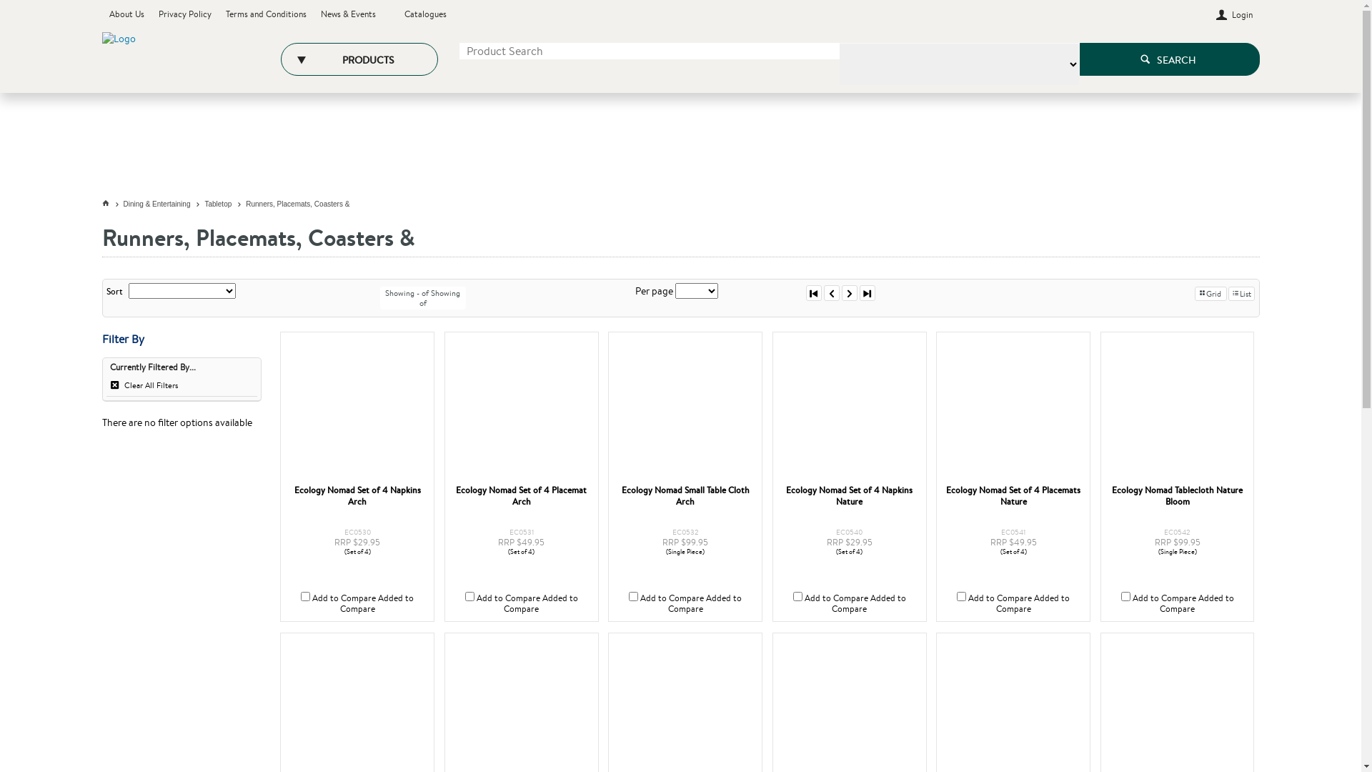 This screenshot has height=772, width=1372. What do you see at coordinates (540, 603) in the screenshot?
I see `'Added to Compare'` at bounding box center [540, 603].